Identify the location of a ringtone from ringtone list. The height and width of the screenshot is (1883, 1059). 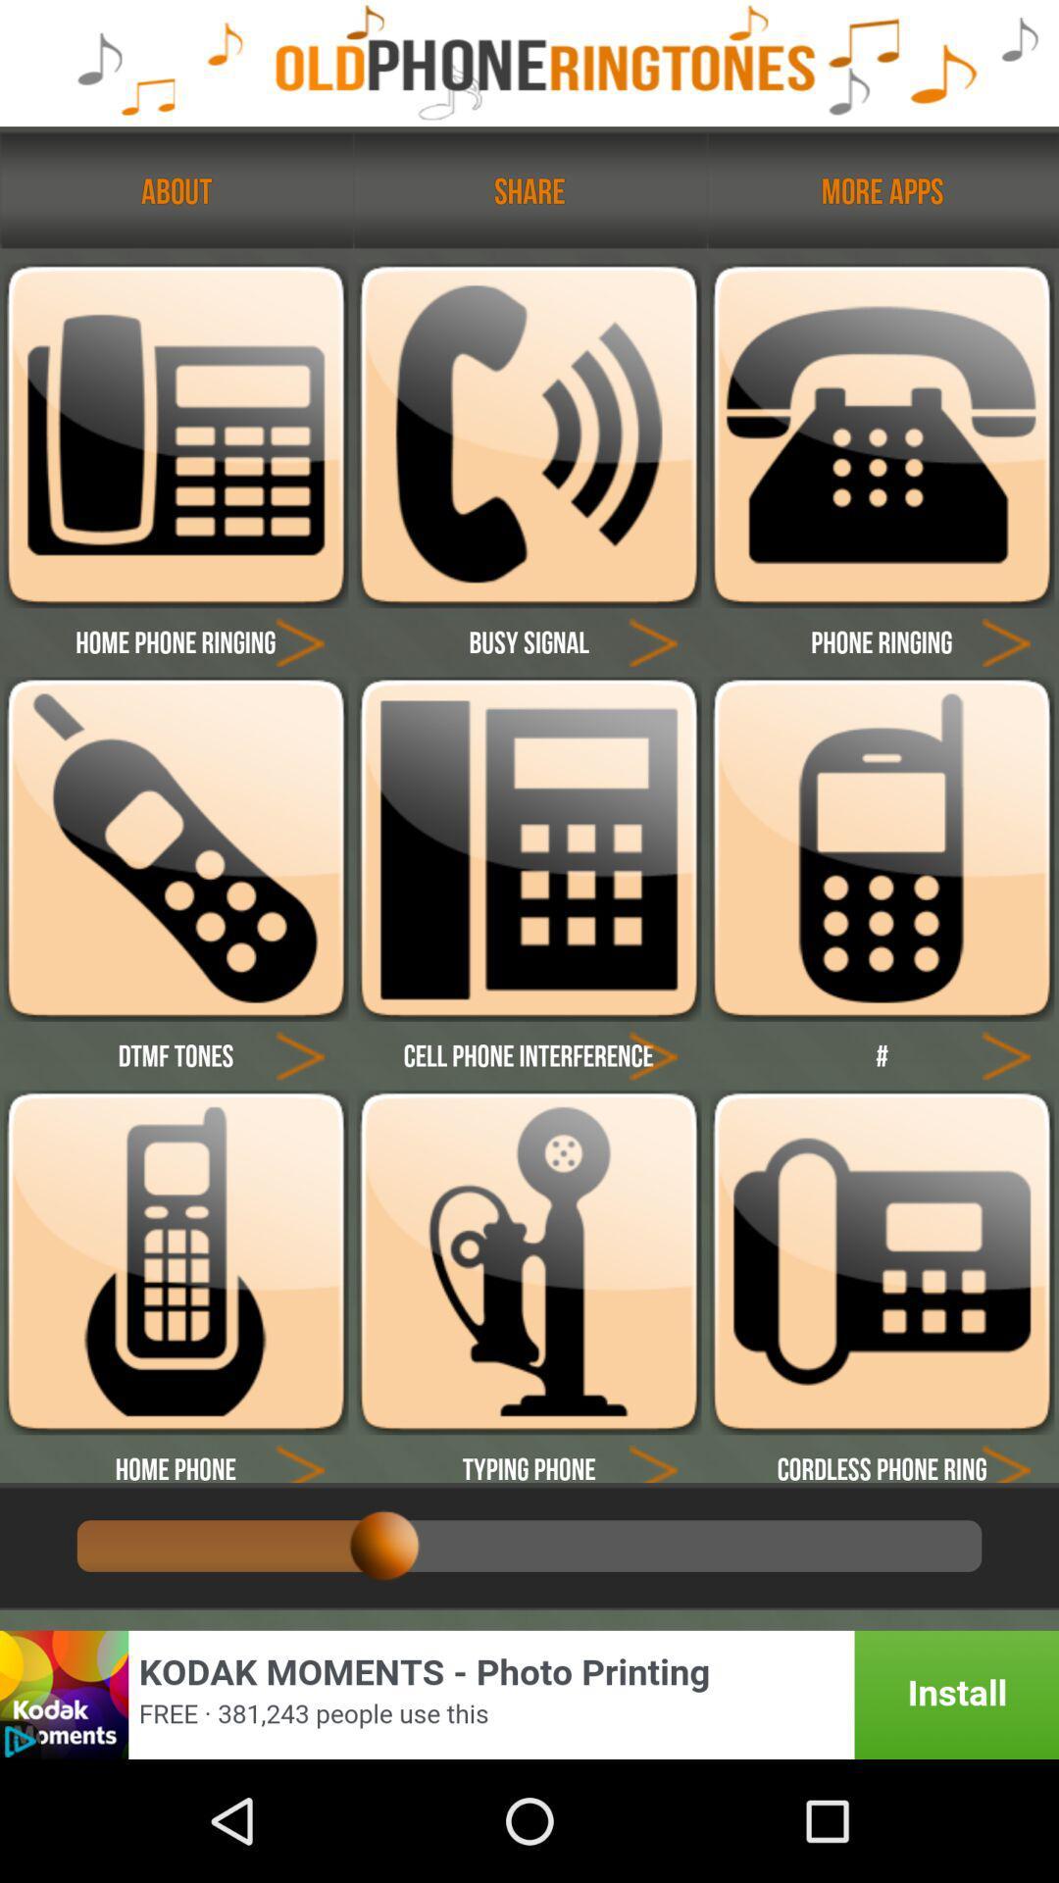
(881, 848).